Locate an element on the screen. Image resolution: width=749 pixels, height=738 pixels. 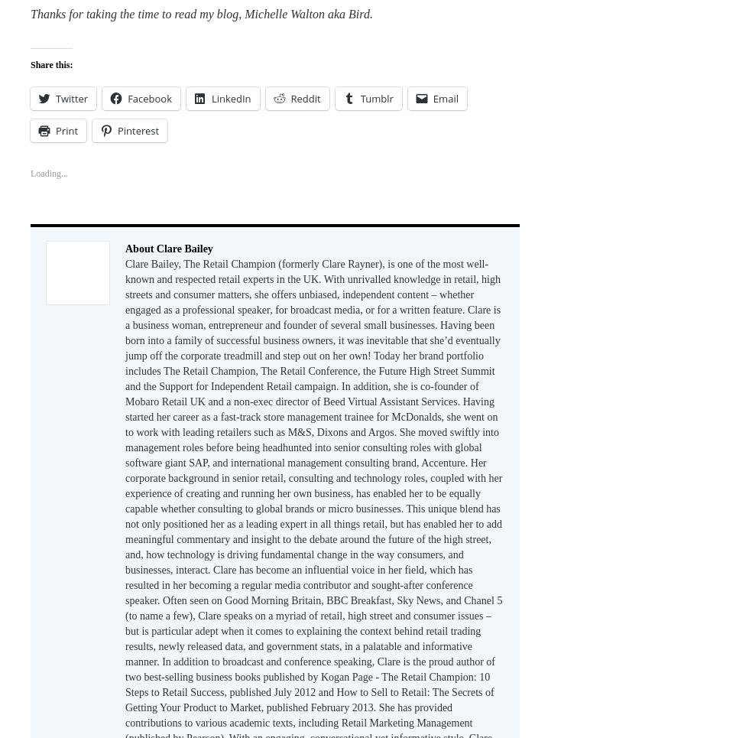
'Email' is located at coordinates (433, 97).